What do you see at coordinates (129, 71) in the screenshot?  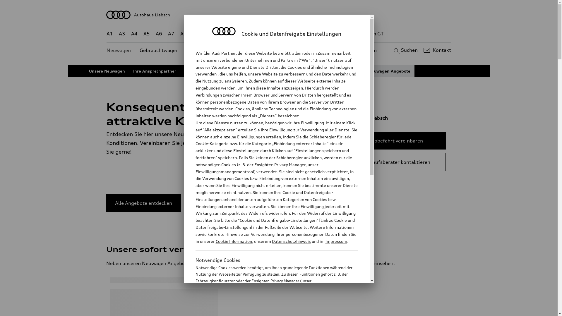 I see `'Ihre Ansprechpartner'` at bounding box center [129, 71].